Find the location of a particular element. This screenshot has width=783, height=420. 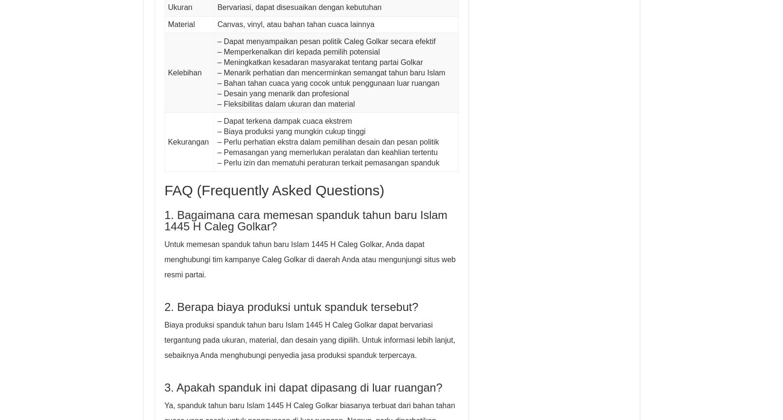

'Ukuran' is located at coordinates (167, 7).